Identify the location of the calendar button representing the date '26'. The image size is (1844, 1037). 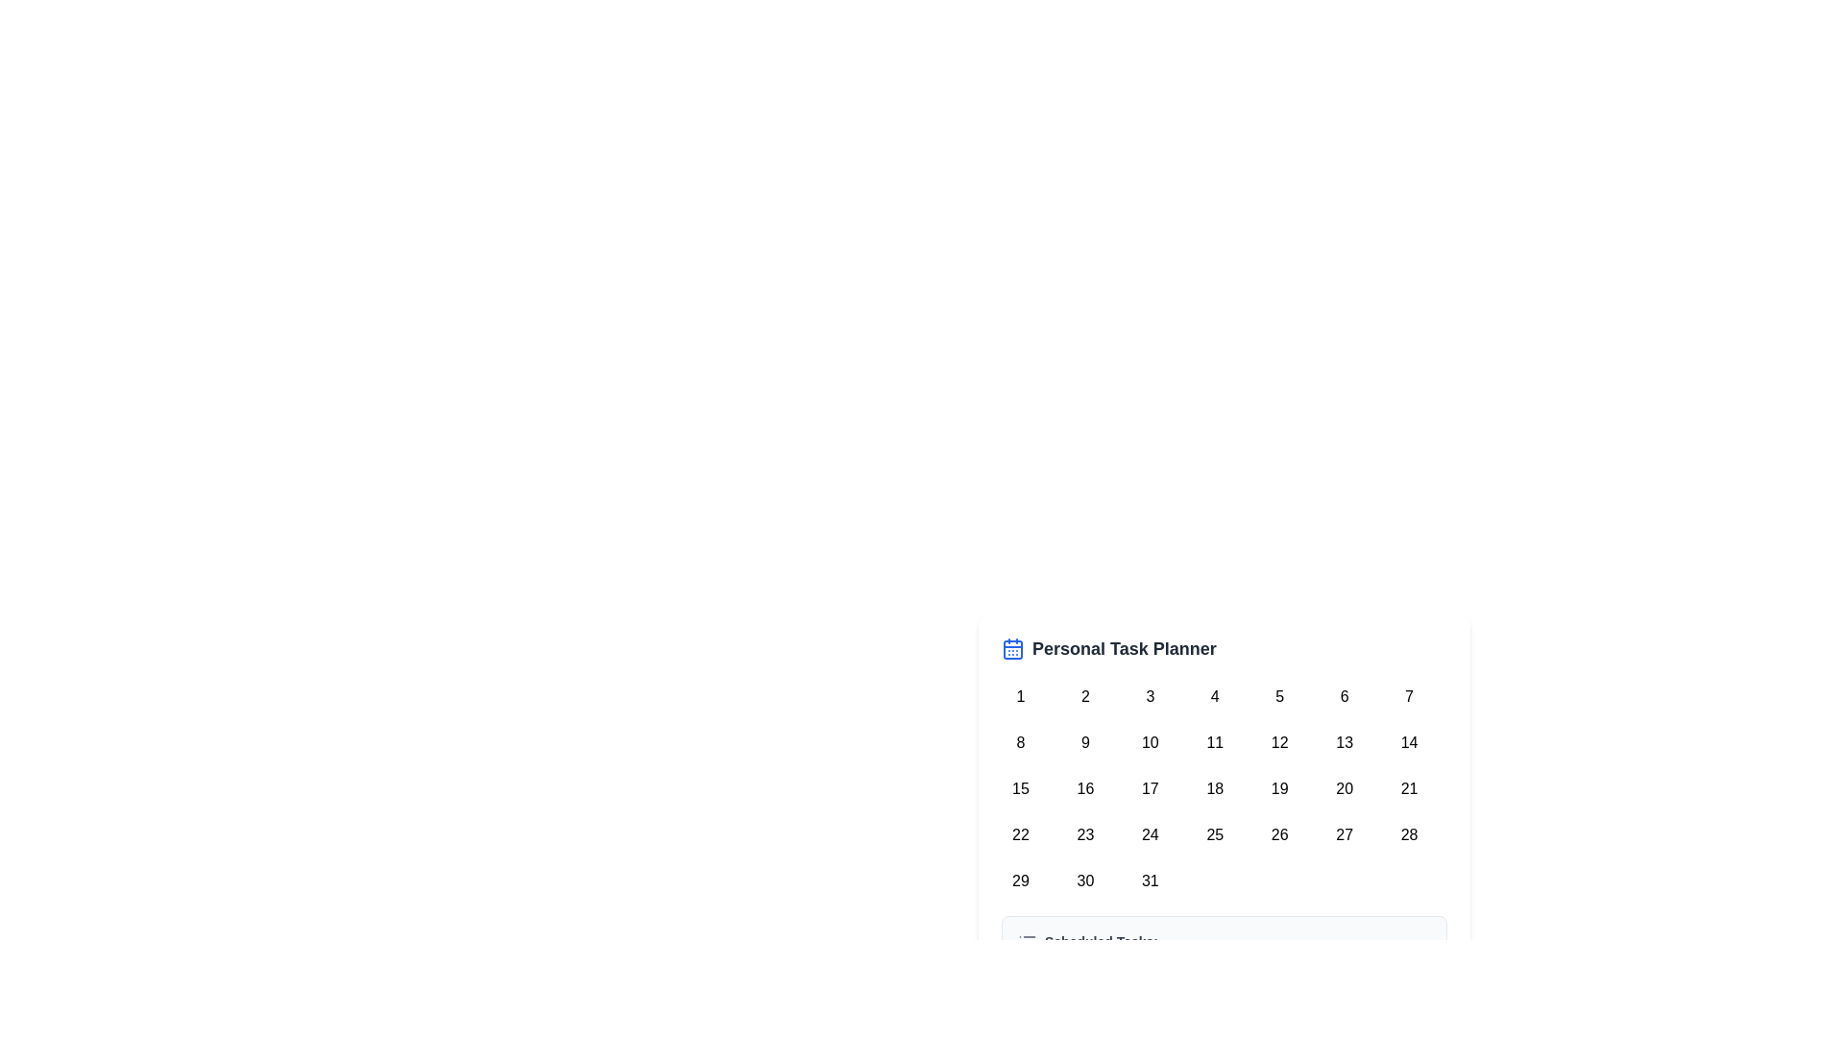
(1279, 834).